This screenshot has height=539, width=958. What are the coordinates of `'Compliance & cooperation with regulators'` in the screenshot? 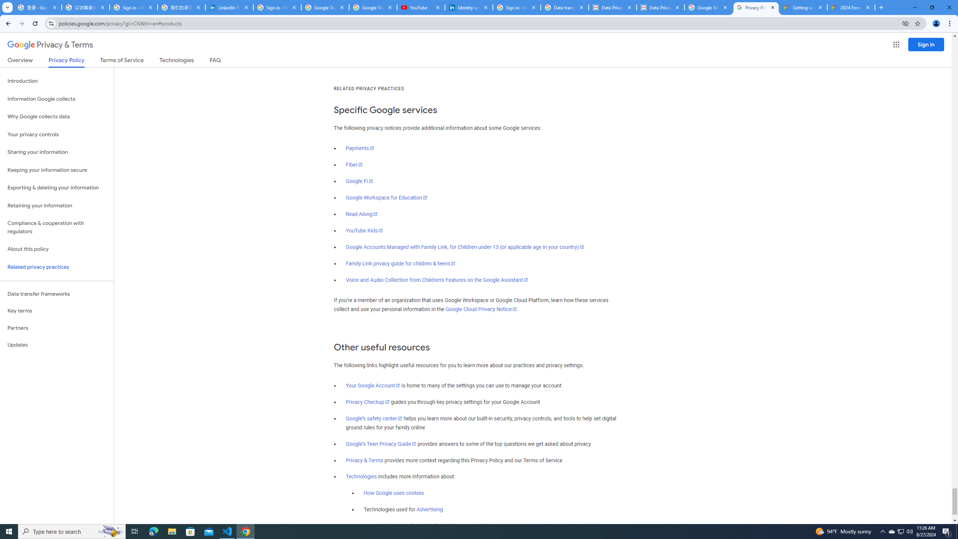 It's located at (57, 228).